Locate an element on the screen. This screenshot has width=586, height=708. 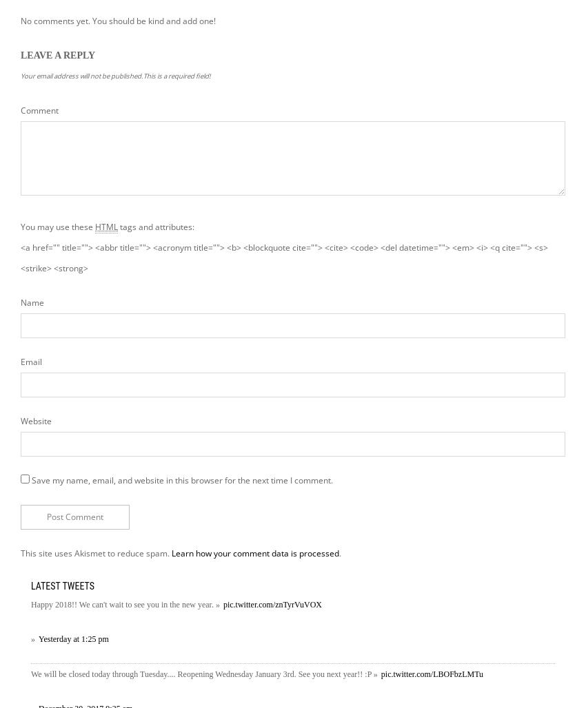
'No comments yet. You should be kind and add one!' is located at coordinates (117, 20).